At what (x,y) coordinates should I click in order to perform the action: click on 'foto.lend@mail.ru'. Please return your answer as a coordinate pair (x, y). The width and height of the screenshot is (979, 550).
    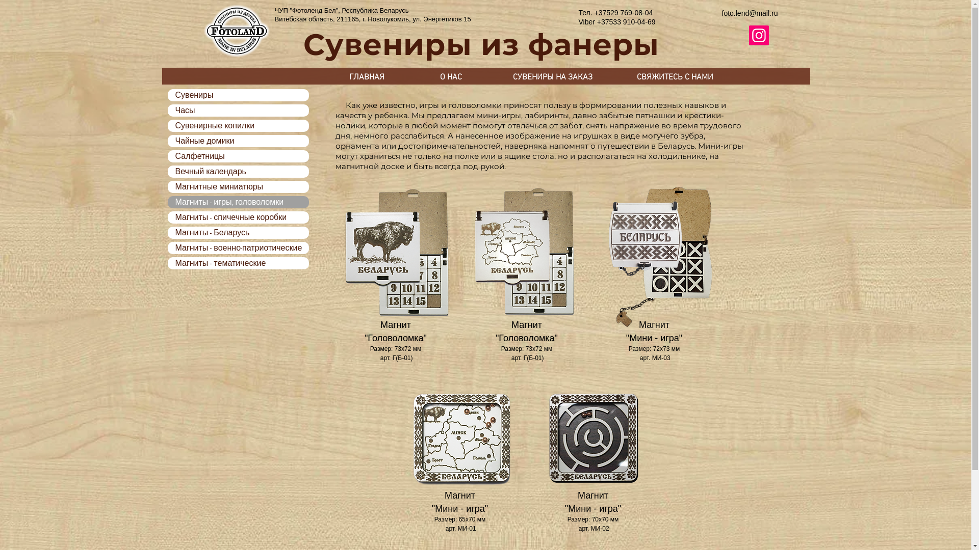
    Looking at the image, I should click on (750, 13).